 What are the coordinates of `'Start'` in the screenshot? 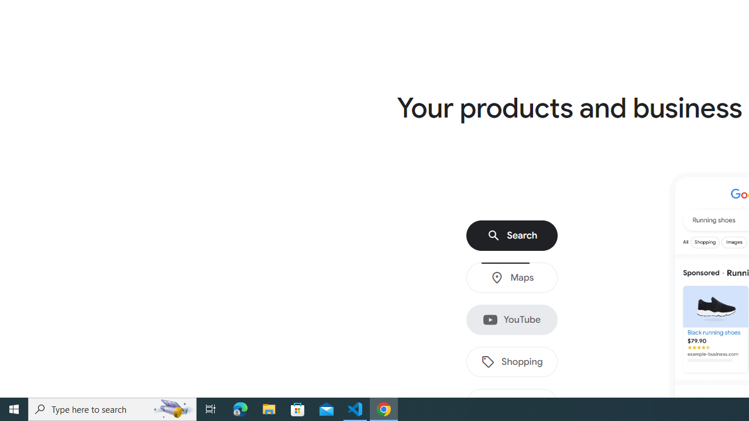 It's located at (14, 408).